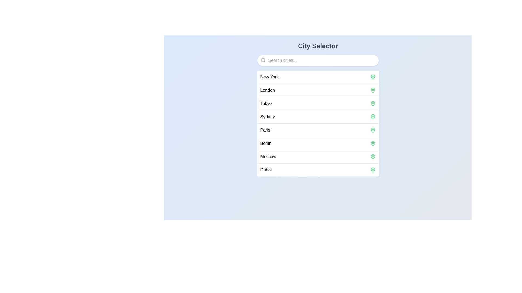 The width and height of the screenshot is (522, 293). Describe the element at coordinates (318, 130) in the screenshot. I see `the list item representing 'Paris' by navigating to its content` at that location.